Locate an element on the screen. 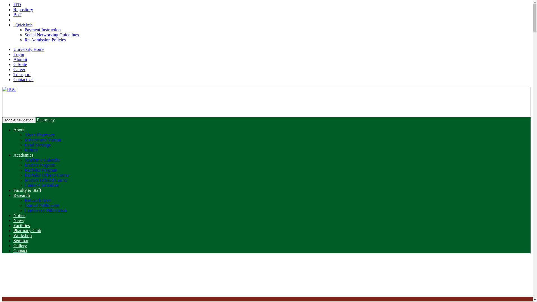 The width and height of the screenshot is (537, 302). 'Conference Publication' is located at coordinates (46, 210).